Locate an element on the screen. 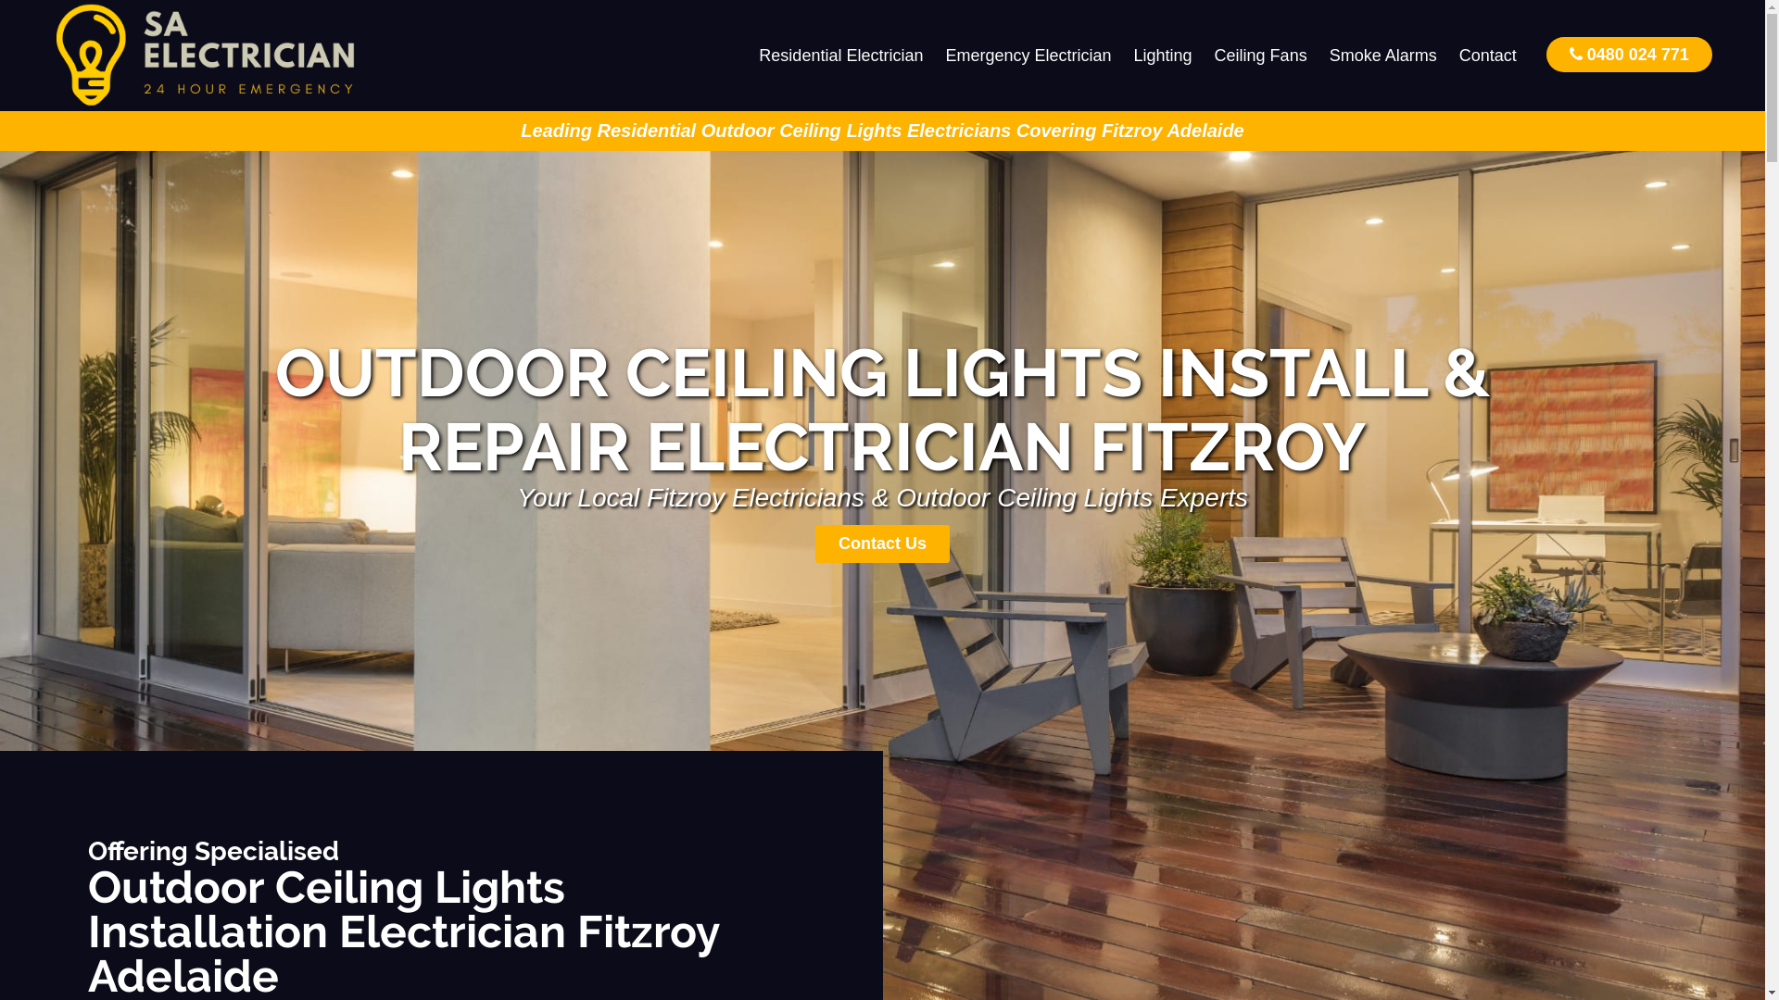 The image size is (1779, 1000). 'Emergency Electrician' is located at coordinates (1027, 55).